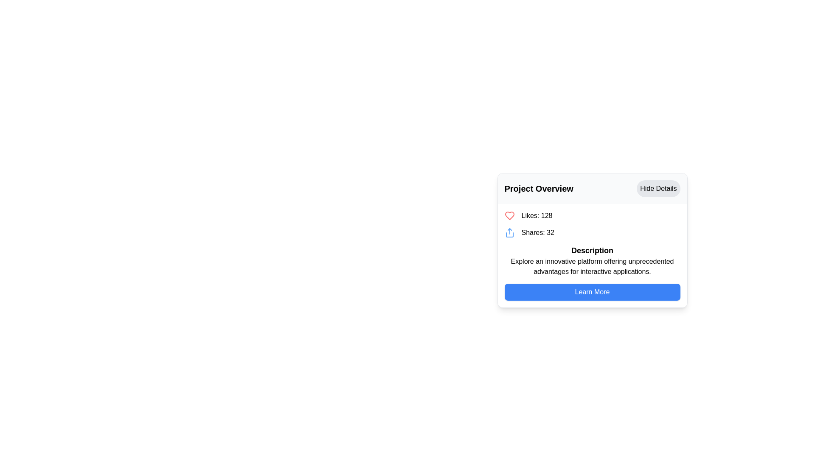 The image size is (815, 458). I want to click on the static text display that shows the total number of likes, located to the right of the red heart icon and above 'Shares: 32', so click(536, 215).